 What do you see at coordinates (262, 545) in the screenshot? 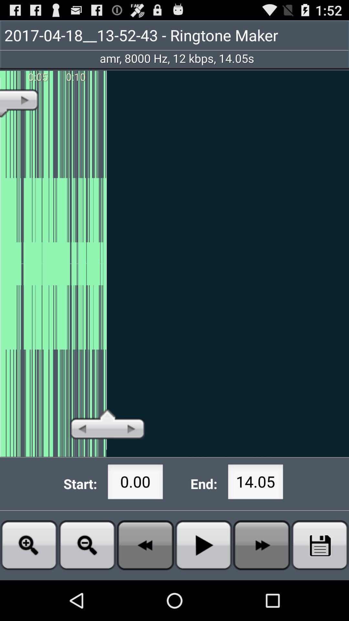
I see `fastforward` at bounding box center [262, 545].